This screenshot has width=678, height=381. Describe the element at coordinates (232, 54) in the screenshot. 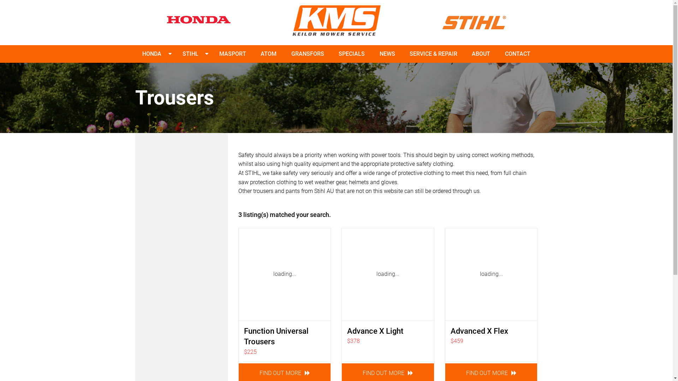

I see `'MASPORT'` at that location.